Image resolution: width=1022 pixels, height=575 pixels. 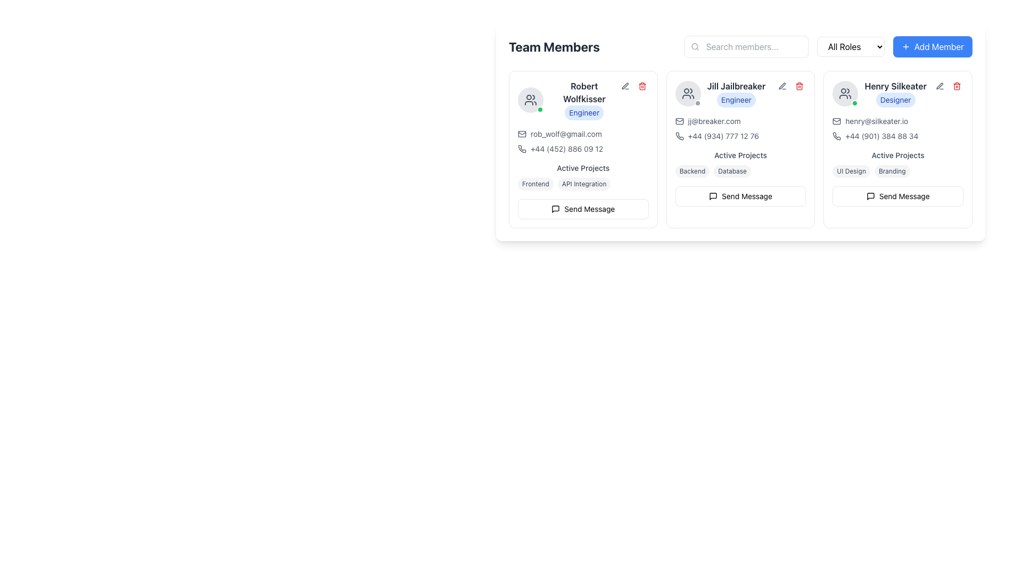 I want to click on the phone icon located at the top left corner of the contact information section of the first team member card, adjacent to the phone number '+44 (452) 886 09 12', so click(x=522, y=149).